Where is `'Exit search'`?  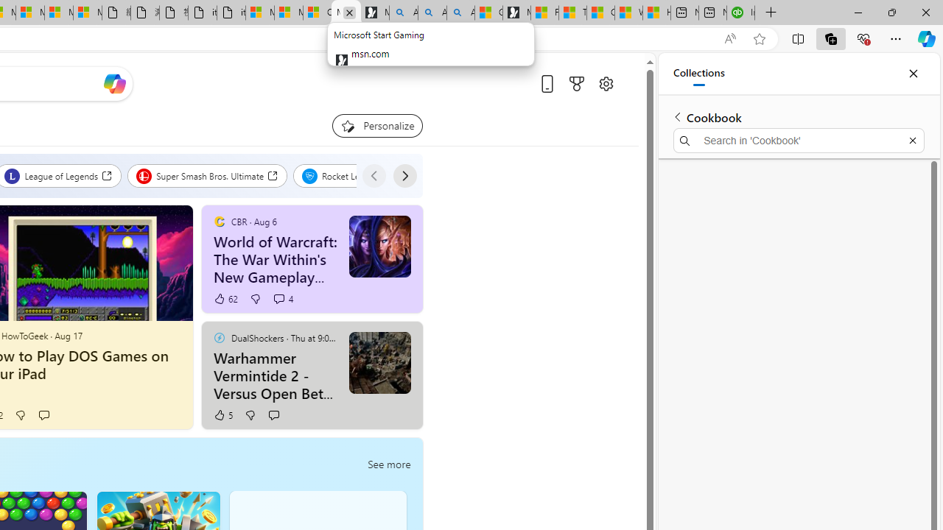 'Exit search' is located at coordinates (912, 141).